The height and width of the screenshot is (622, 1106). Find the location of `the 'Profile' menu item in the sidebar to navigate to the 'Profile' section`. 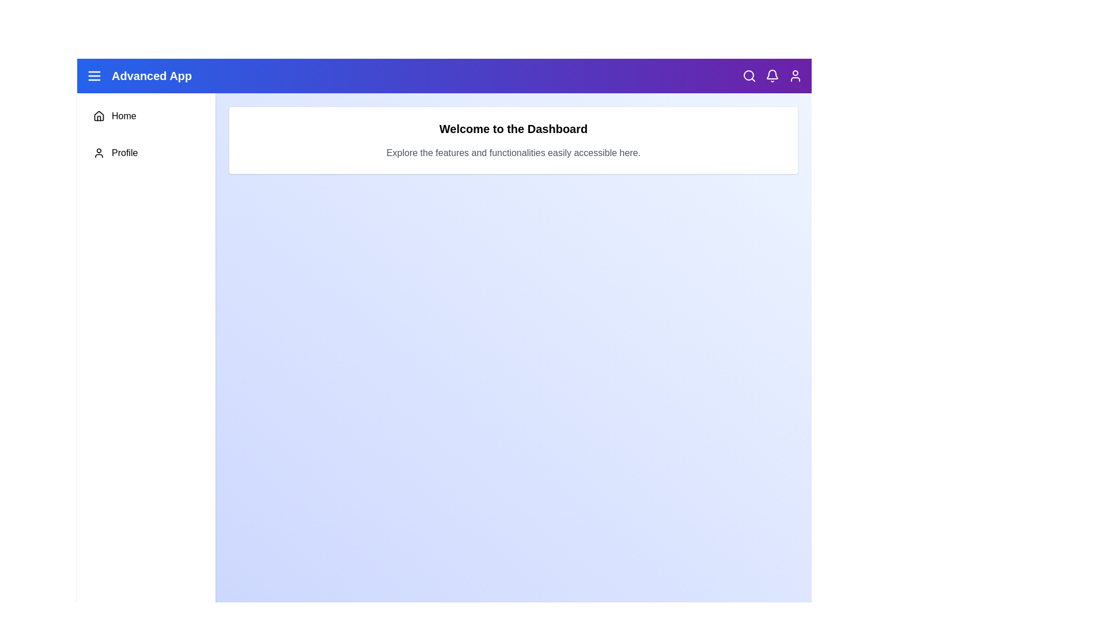

the 'Profile' menu item in the sidebar to navigate to the 'Profile' section is located at coordinates (146, 153).